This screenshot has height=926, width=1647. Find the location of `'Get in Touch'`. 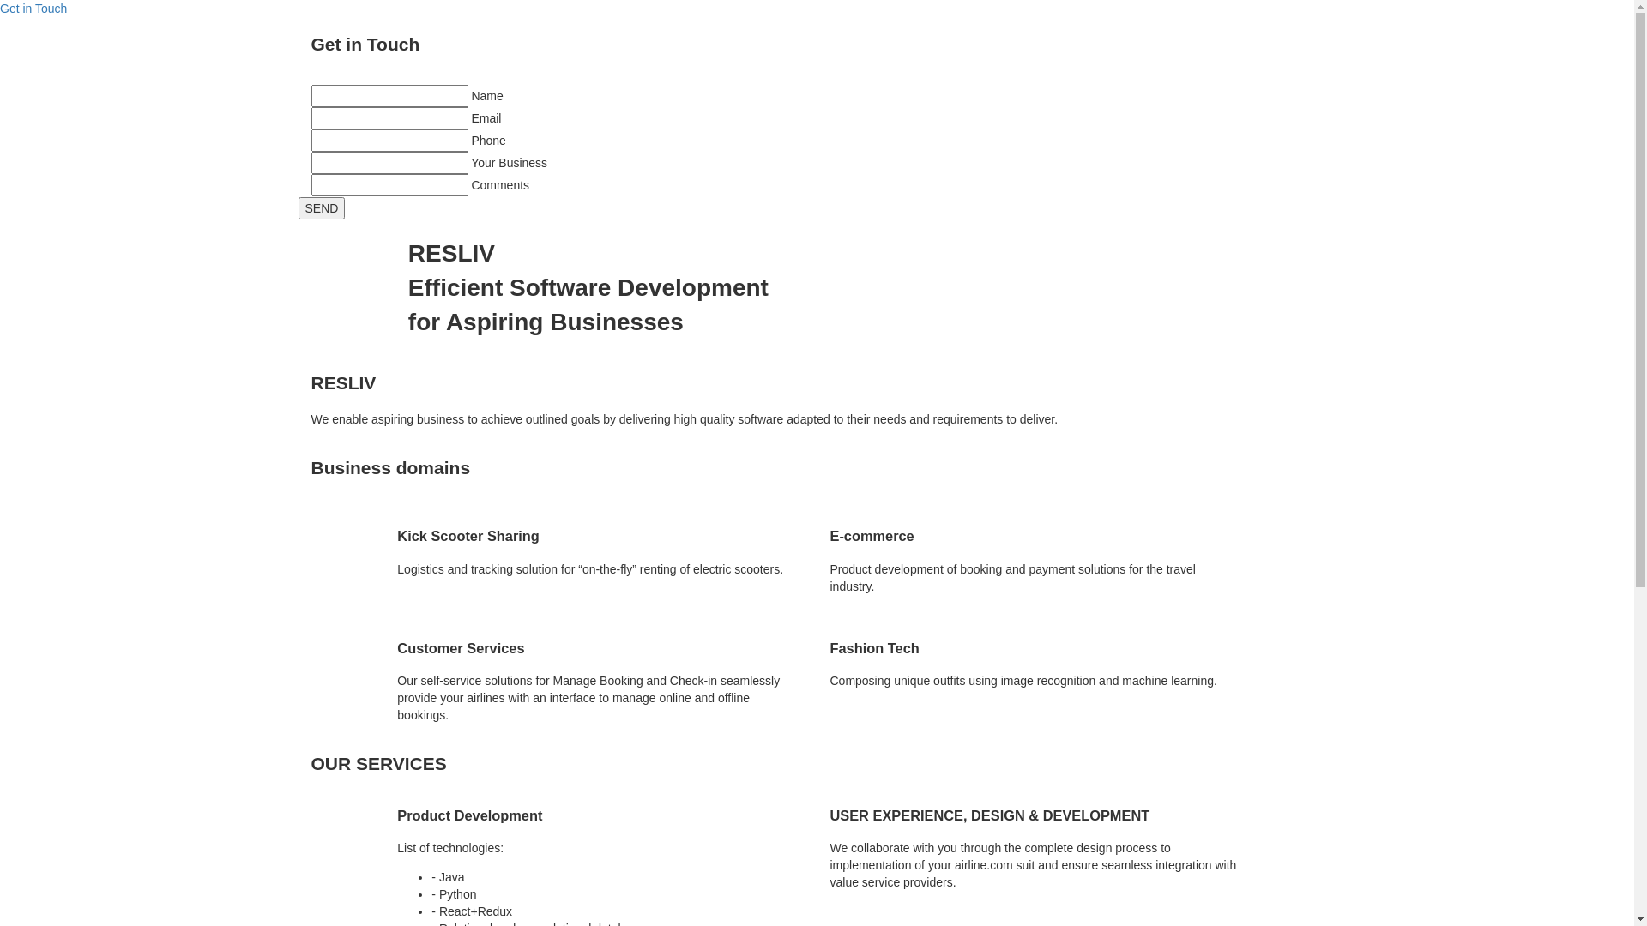

'Get in Touch' is located at coordinates (33, 9).